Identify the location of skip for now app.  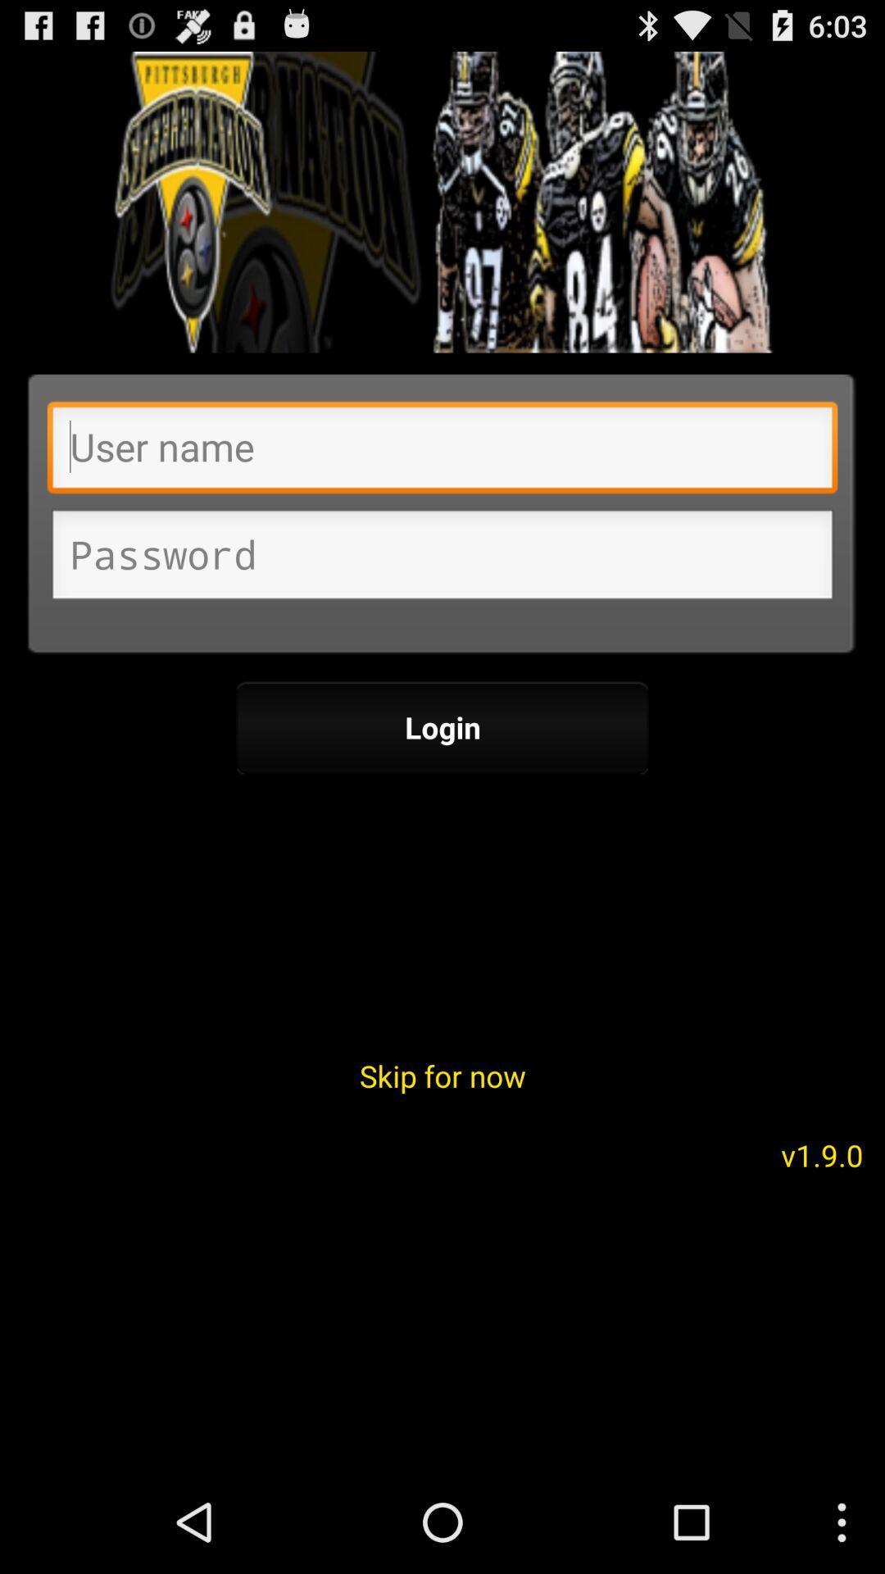
(442, 1076).